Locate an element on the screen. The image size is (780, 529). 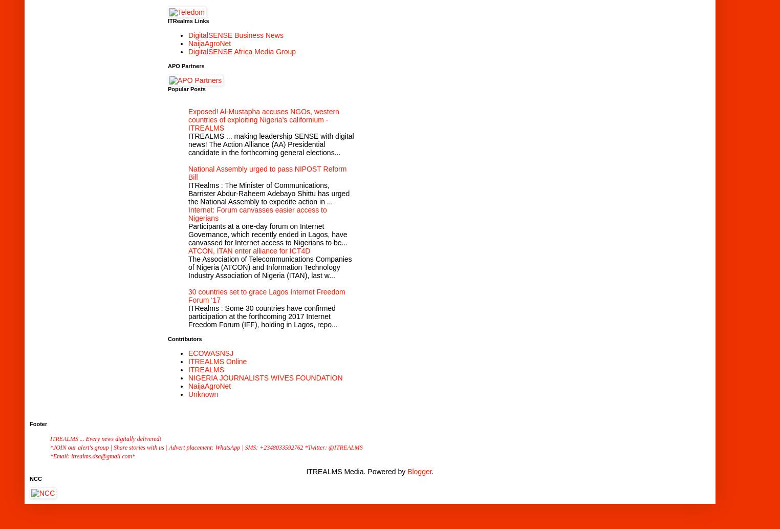
'Blogger' is located at coordinates (419, 470).